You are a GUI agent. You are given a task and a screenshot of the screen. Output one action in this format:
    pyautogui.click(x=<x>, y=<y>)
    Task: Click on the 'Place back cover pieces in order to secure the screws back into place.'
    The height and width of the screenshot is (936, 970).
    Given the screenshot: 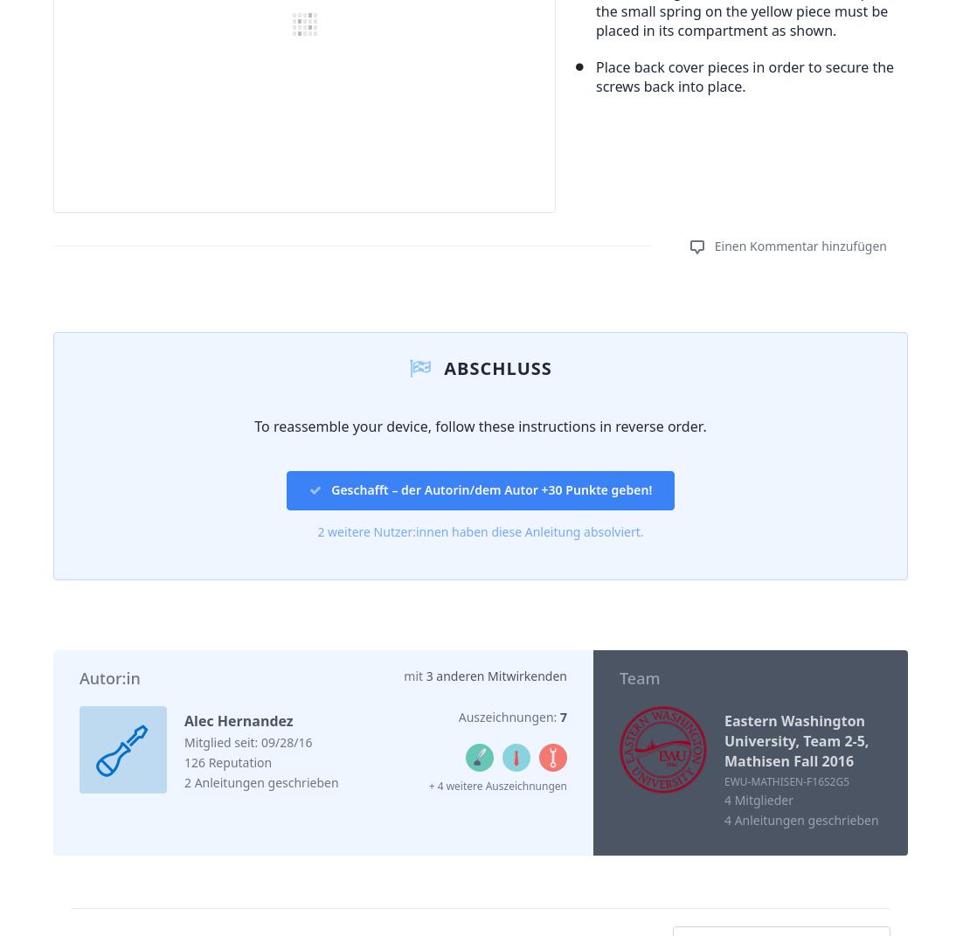 What is the action you would take?
    pyautogui.click(x=744, y=75)
    